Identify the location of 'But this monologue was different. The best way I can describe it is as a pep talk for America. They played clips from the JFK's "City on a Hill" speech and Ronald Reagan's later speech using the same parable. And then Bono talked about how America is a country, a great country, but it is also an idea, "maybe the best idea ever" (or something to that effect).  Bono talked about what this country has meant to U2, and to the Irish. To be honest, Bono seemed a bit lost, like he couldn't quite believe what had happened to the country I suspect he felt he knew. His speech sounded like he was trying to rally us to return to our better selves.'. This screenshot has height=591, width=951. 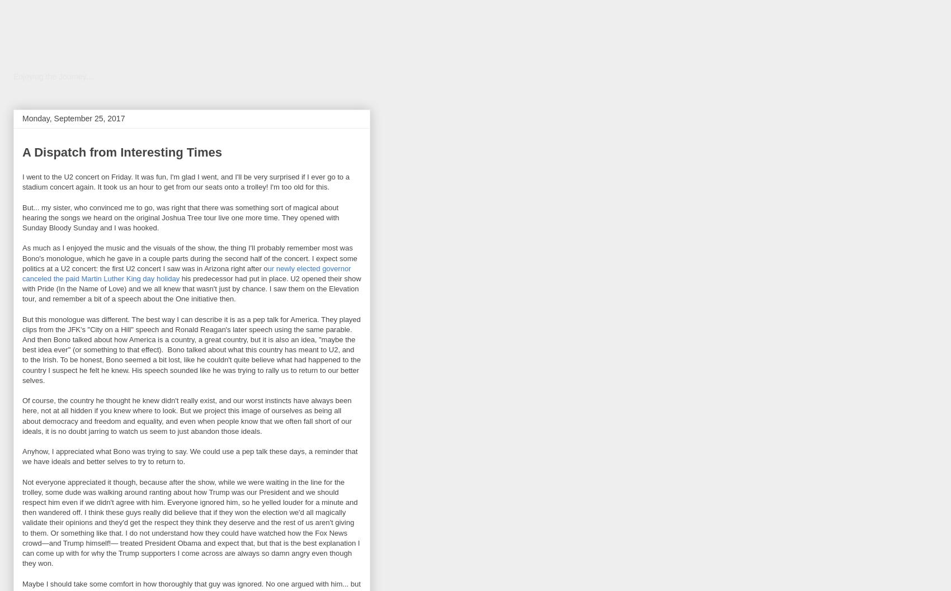
(191, 349).